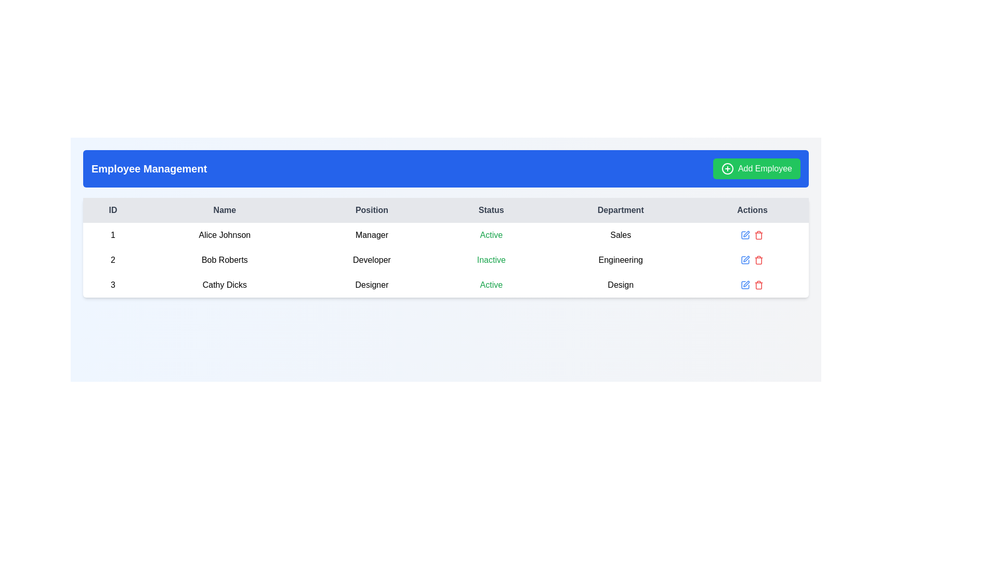  I want to click on the Text label representing the numeric ID of the user record for 'Cathy Dicks', which is located in the 'ID' column of the tabular layout, so click(113, 285).